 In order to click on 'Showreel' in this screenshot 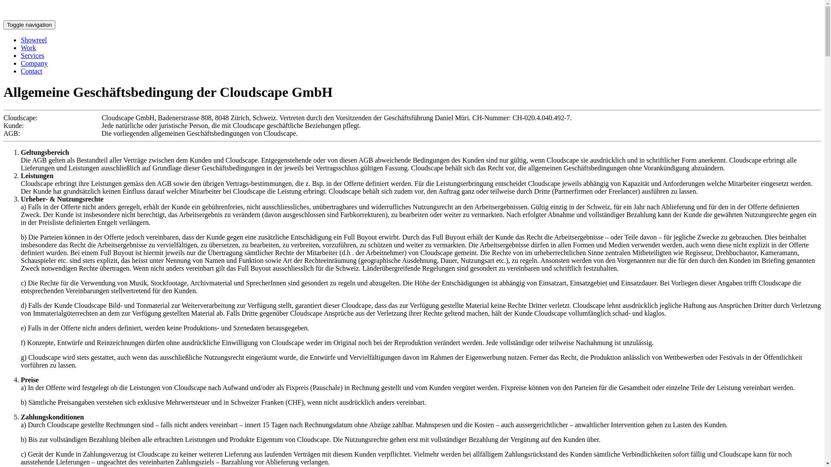, I will do `click(33, 40)`.